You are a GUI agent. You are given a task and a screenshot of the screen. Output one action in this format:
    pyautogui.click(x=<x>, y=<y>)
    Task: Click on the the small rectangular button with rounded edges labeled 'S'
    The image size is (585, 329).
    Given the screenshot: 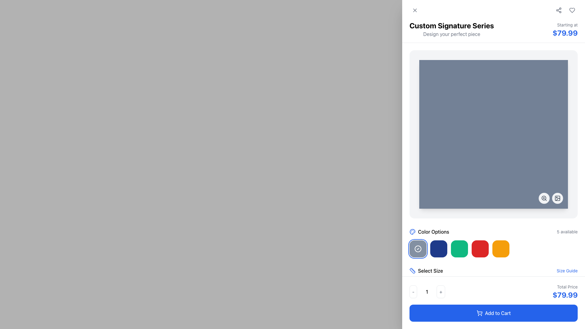 What is the action you would take?
    pyautogui.click(x=434, y=287)
    